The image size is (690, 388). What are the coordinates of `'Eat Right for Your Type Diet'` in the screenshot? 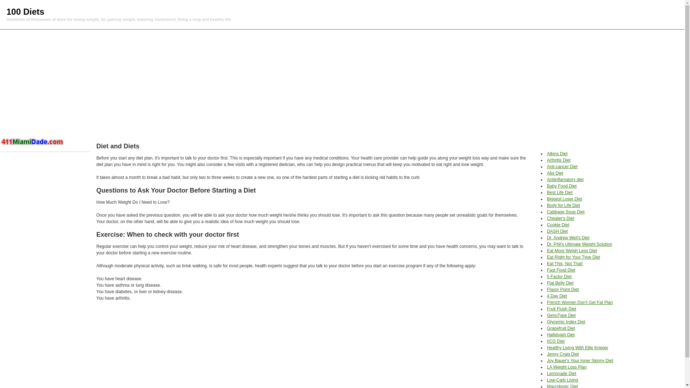 It's located at (573, 257).